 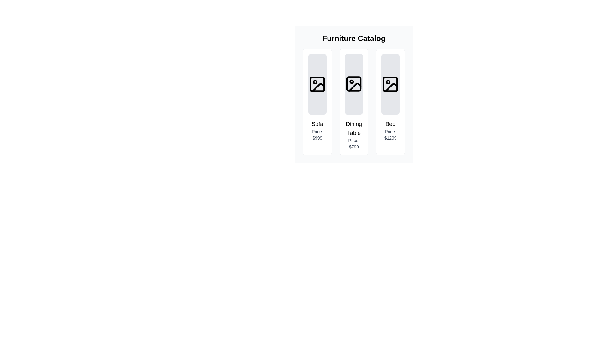 What do you see at coordinates (351, 81) in the screenshot?
I see `the decorative graphical circle located in the middle tile of the 'Dining Table: $799' card within the 'Furniture Catalog' section` at bounding box center [351, 81].